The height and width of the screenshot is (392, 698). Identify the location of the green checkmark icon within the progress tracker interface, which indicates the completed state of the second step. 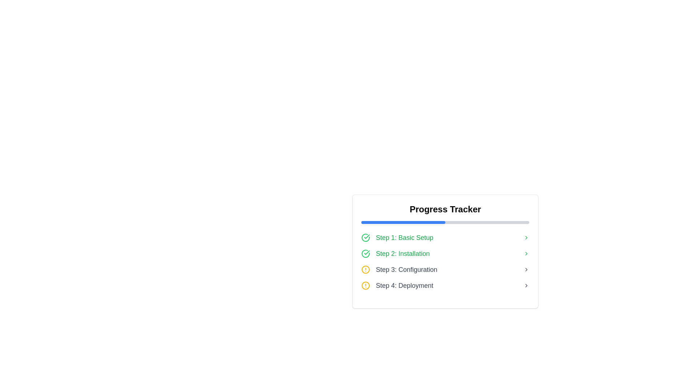
(367, 252).